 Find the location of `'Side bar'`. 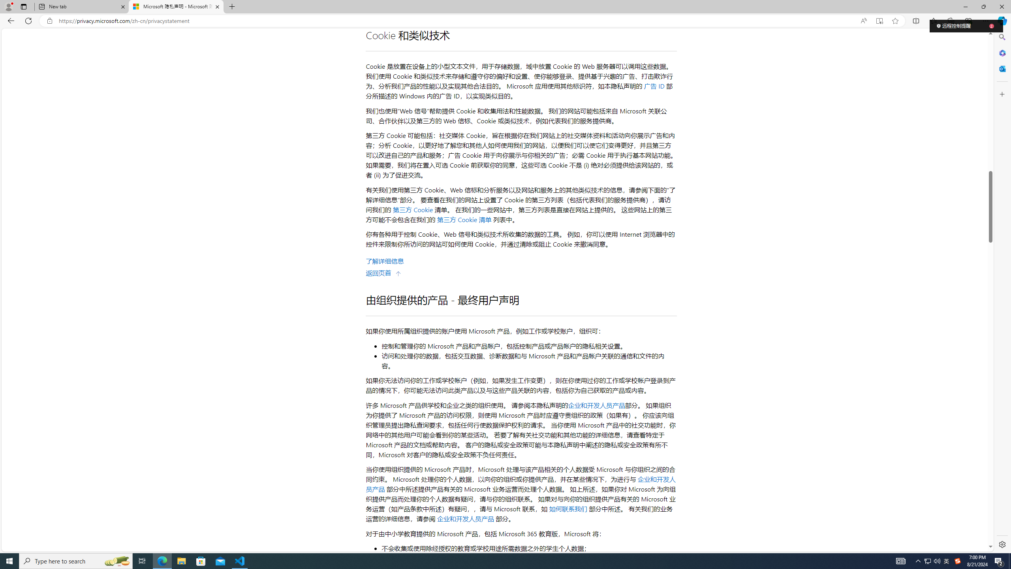

'Side bar' is located at coordinates (1002, 290).